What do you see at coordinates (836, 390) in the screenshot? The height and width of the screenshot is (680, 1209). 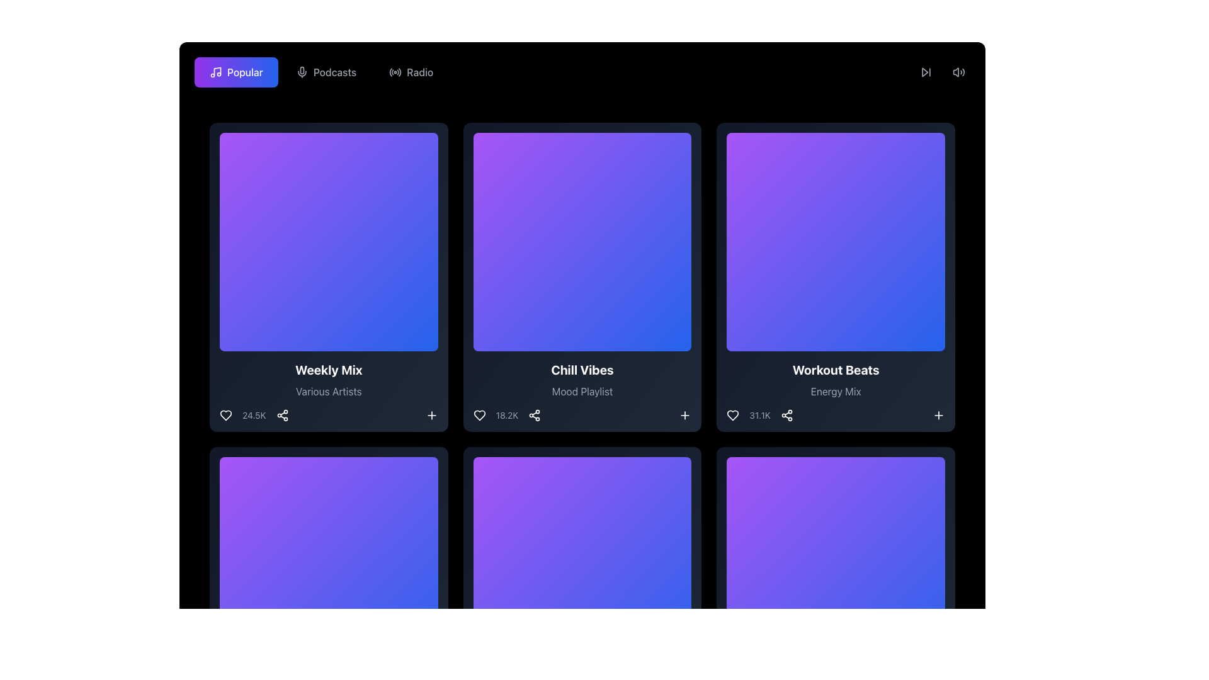 I see `the 'Energy Mix' text label located in the third tile from the left in the top row of the music library interface, positioned under 'Workout Beats'` at bounding box center [836, 390].